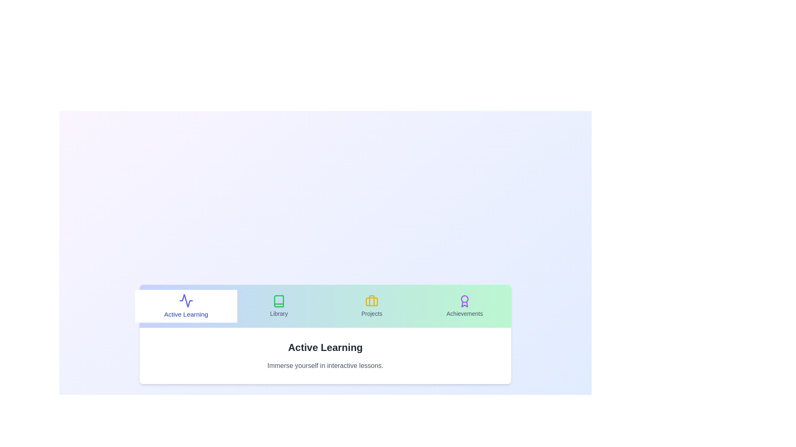 The image size is (796, 447). I want to click on the text in the description area of the active tab, so click(325, 365).